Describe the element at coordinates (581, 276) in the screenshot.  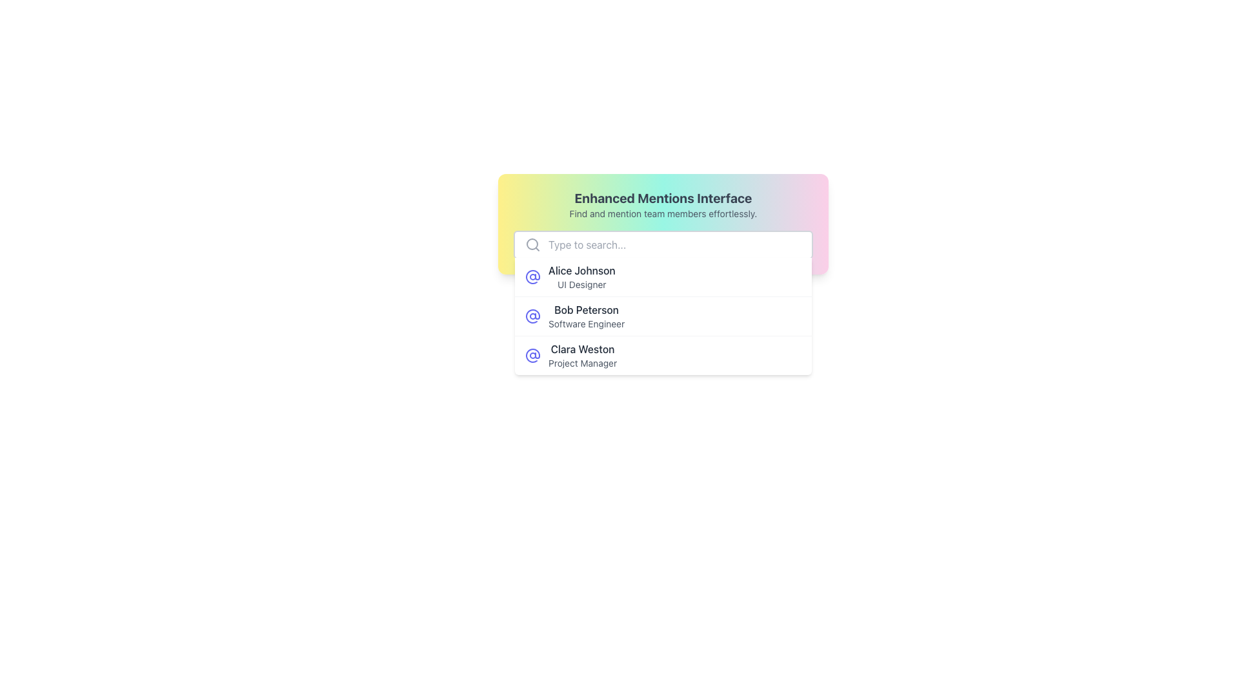
I see `the first item` at that location.